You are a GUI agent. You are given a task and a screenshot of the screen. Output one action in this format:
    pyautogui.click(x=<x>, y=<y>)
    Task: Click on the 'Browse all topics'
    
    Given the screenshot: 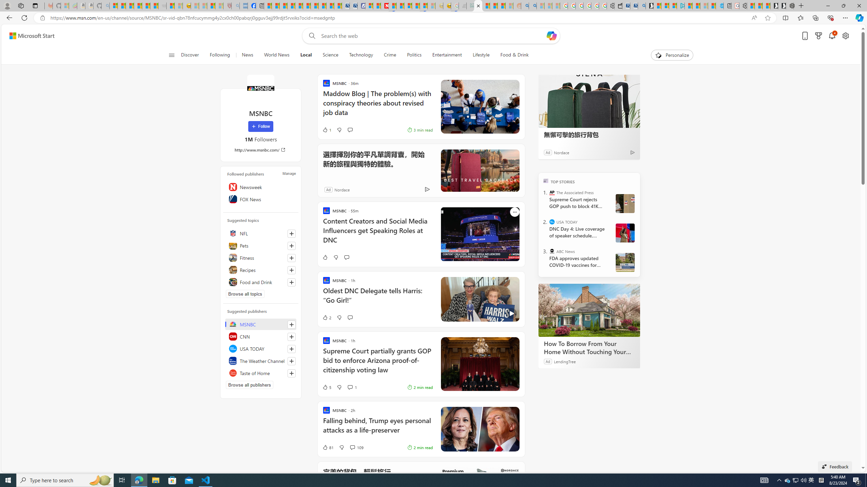 What is the action you would take?
    pyautogui.click(x=245, y=294)
    